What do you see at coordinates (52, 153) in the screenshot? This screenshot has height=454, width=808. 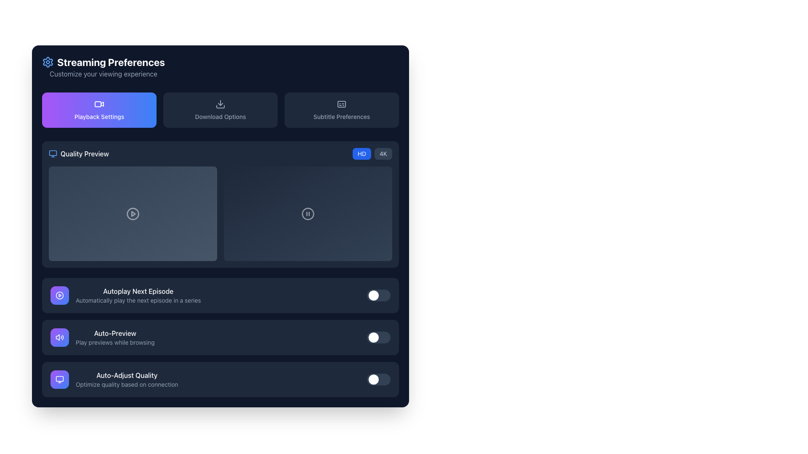 I see `the decorative component of the monitor icon, which symbolizes playback or display settings, located near the top-left corner of the interface next to the 'Streaming Preferences' header` at bounding box center [52, 153].